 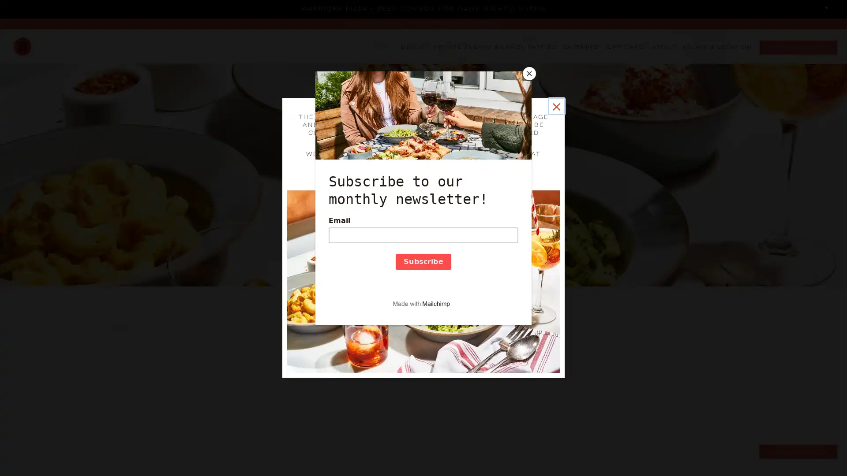 I want to click on Close, so click(x=556, y=105).